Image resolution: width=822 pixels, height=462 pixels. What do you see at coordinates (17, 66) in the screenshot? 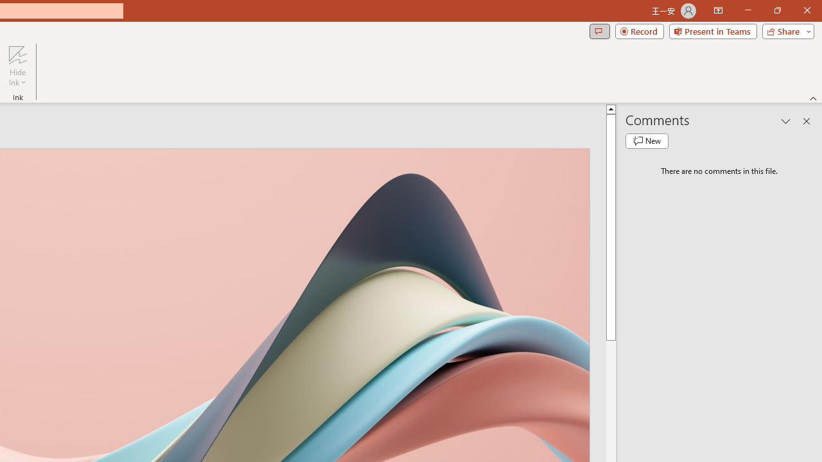
I see `'Hide Ink'` at bounding box center [17, 66].